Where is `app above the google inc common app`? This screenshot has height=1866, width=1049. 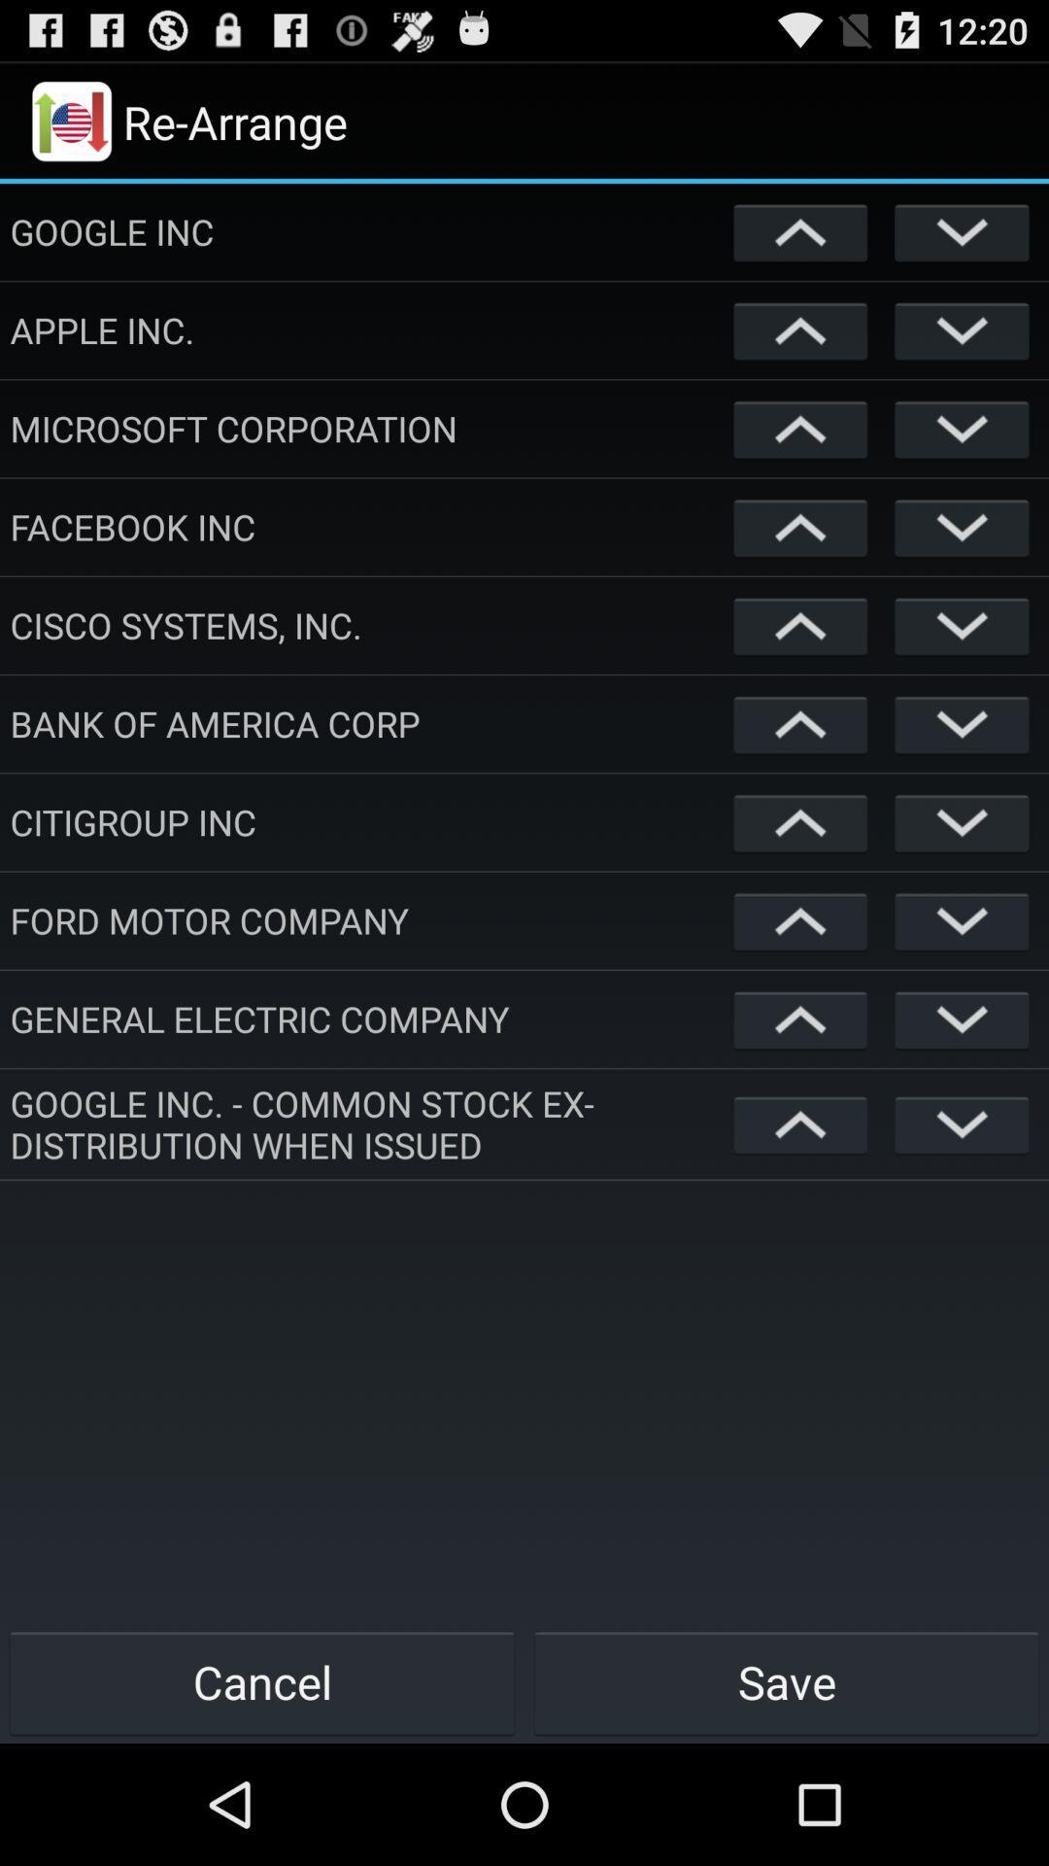
app above the google inc common app is located at coordinates (367, 1018).